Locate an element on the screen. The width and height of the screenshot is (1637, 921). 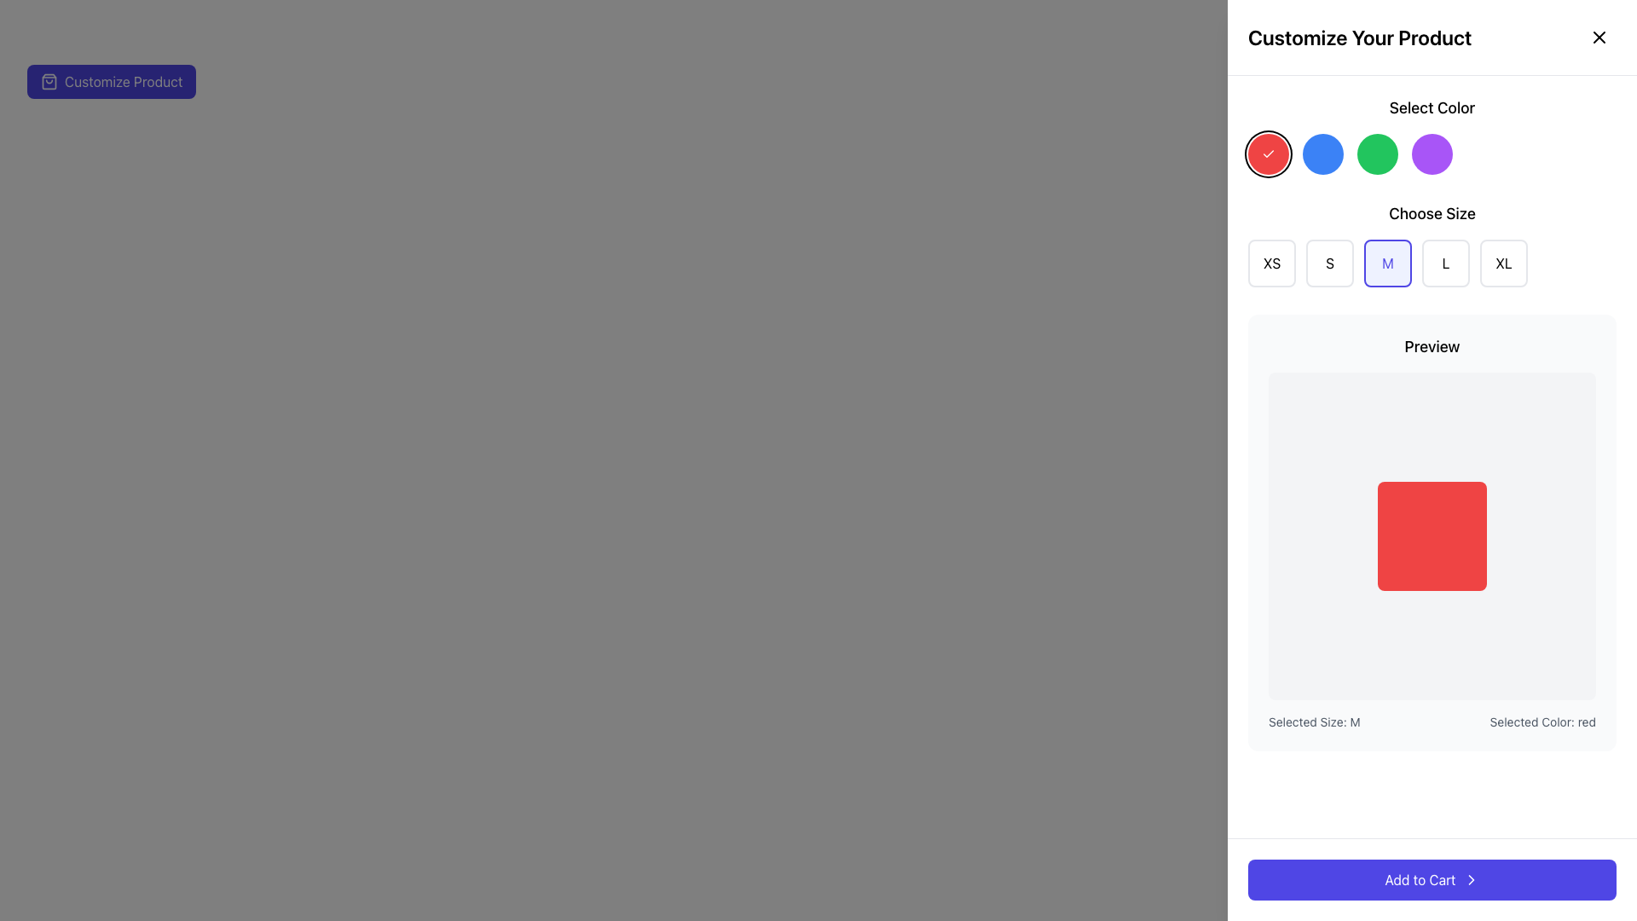
the circular red button with a white checkmark icon is located at coordinates (1269, 154).